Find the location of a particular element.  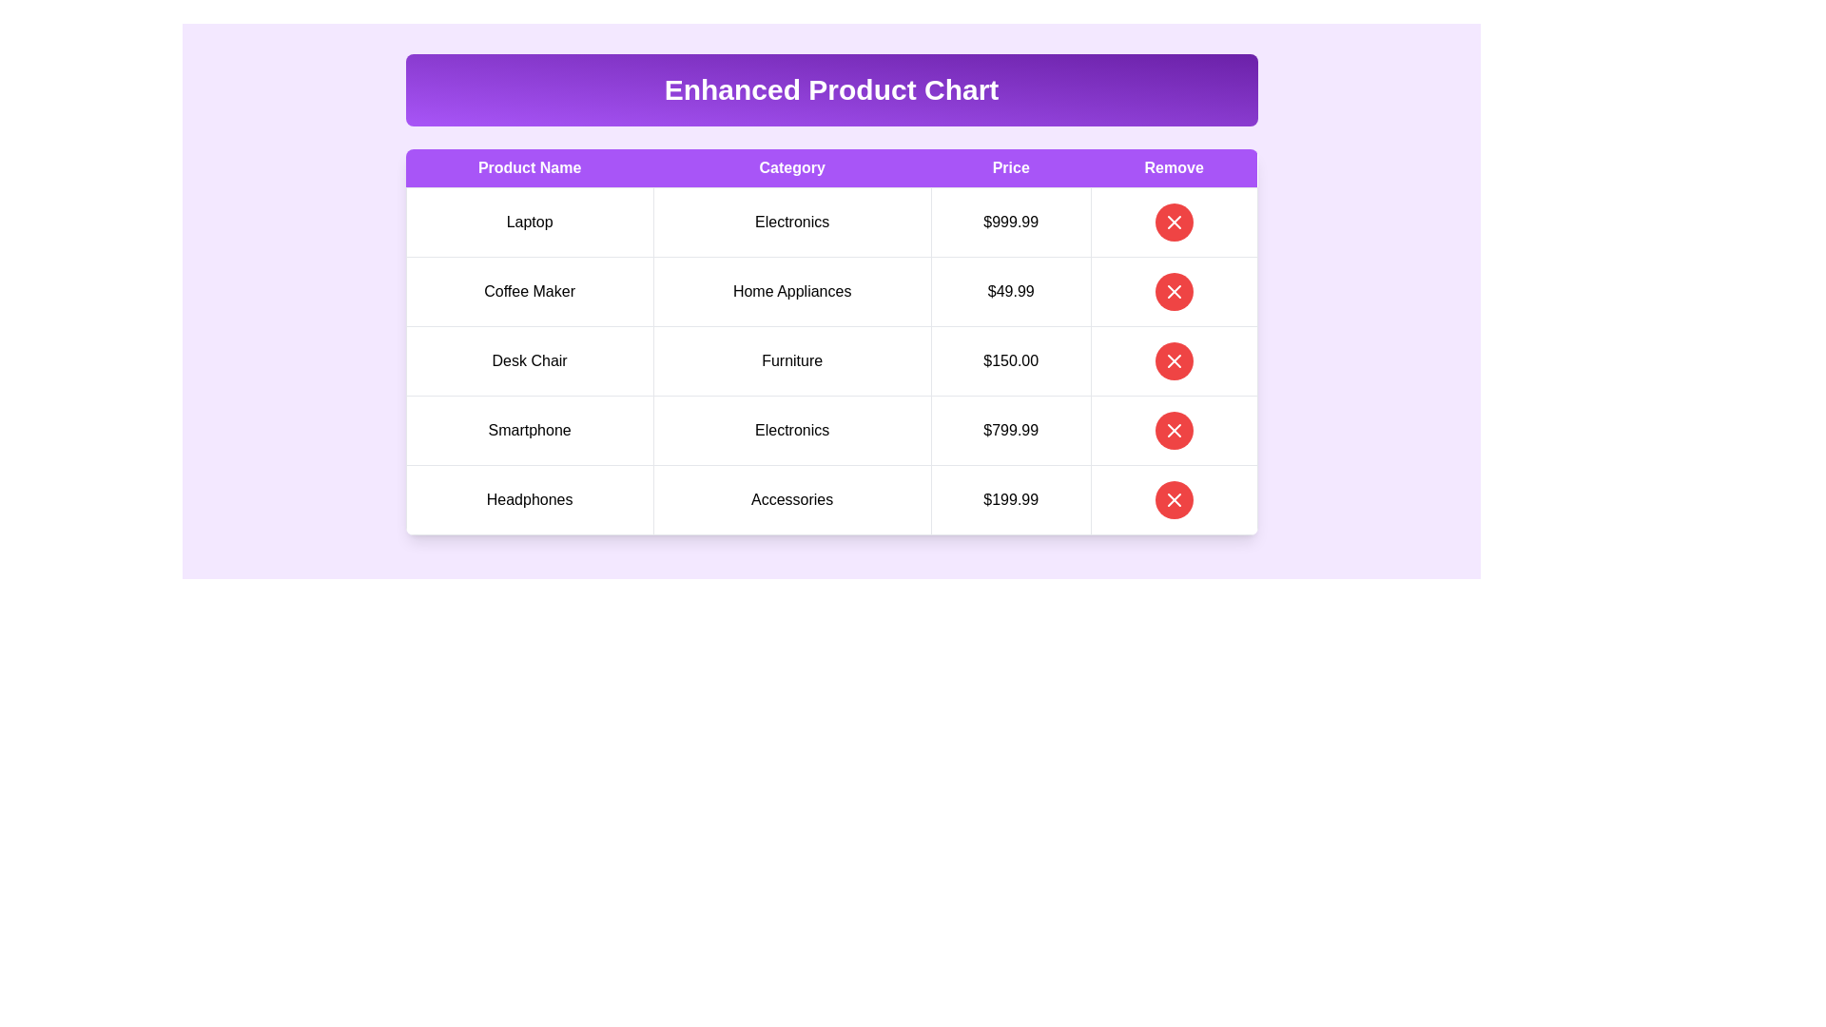

the text label displaying the price '$999.99' located in the third column of the first row under the 'Price' header, to the right of 'Electronics' is located at coordinates (1010, 222).